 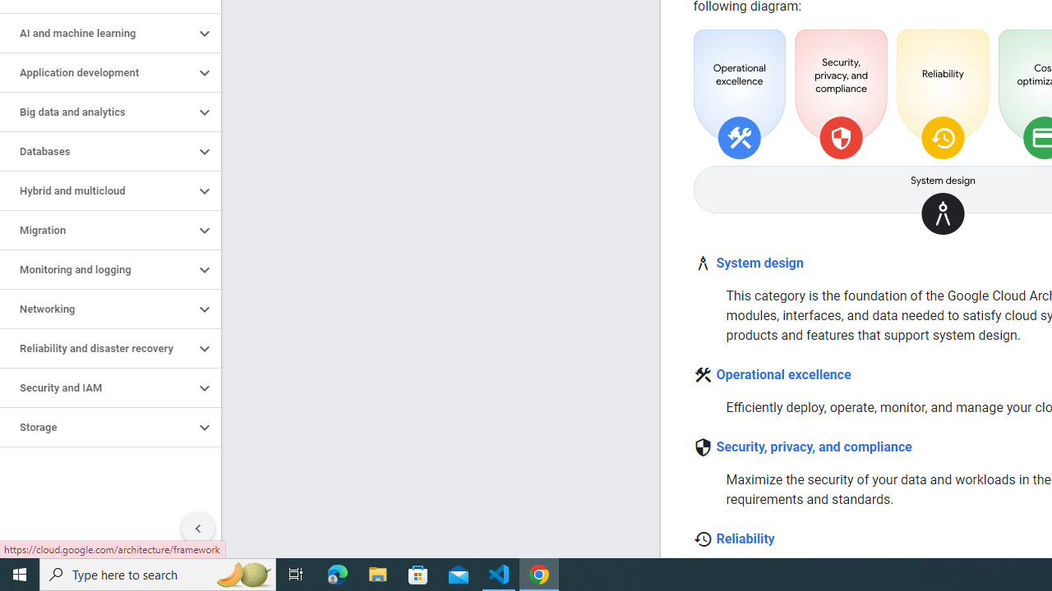 I want to click on 'Operational excellence', so click(x=782, y=375).